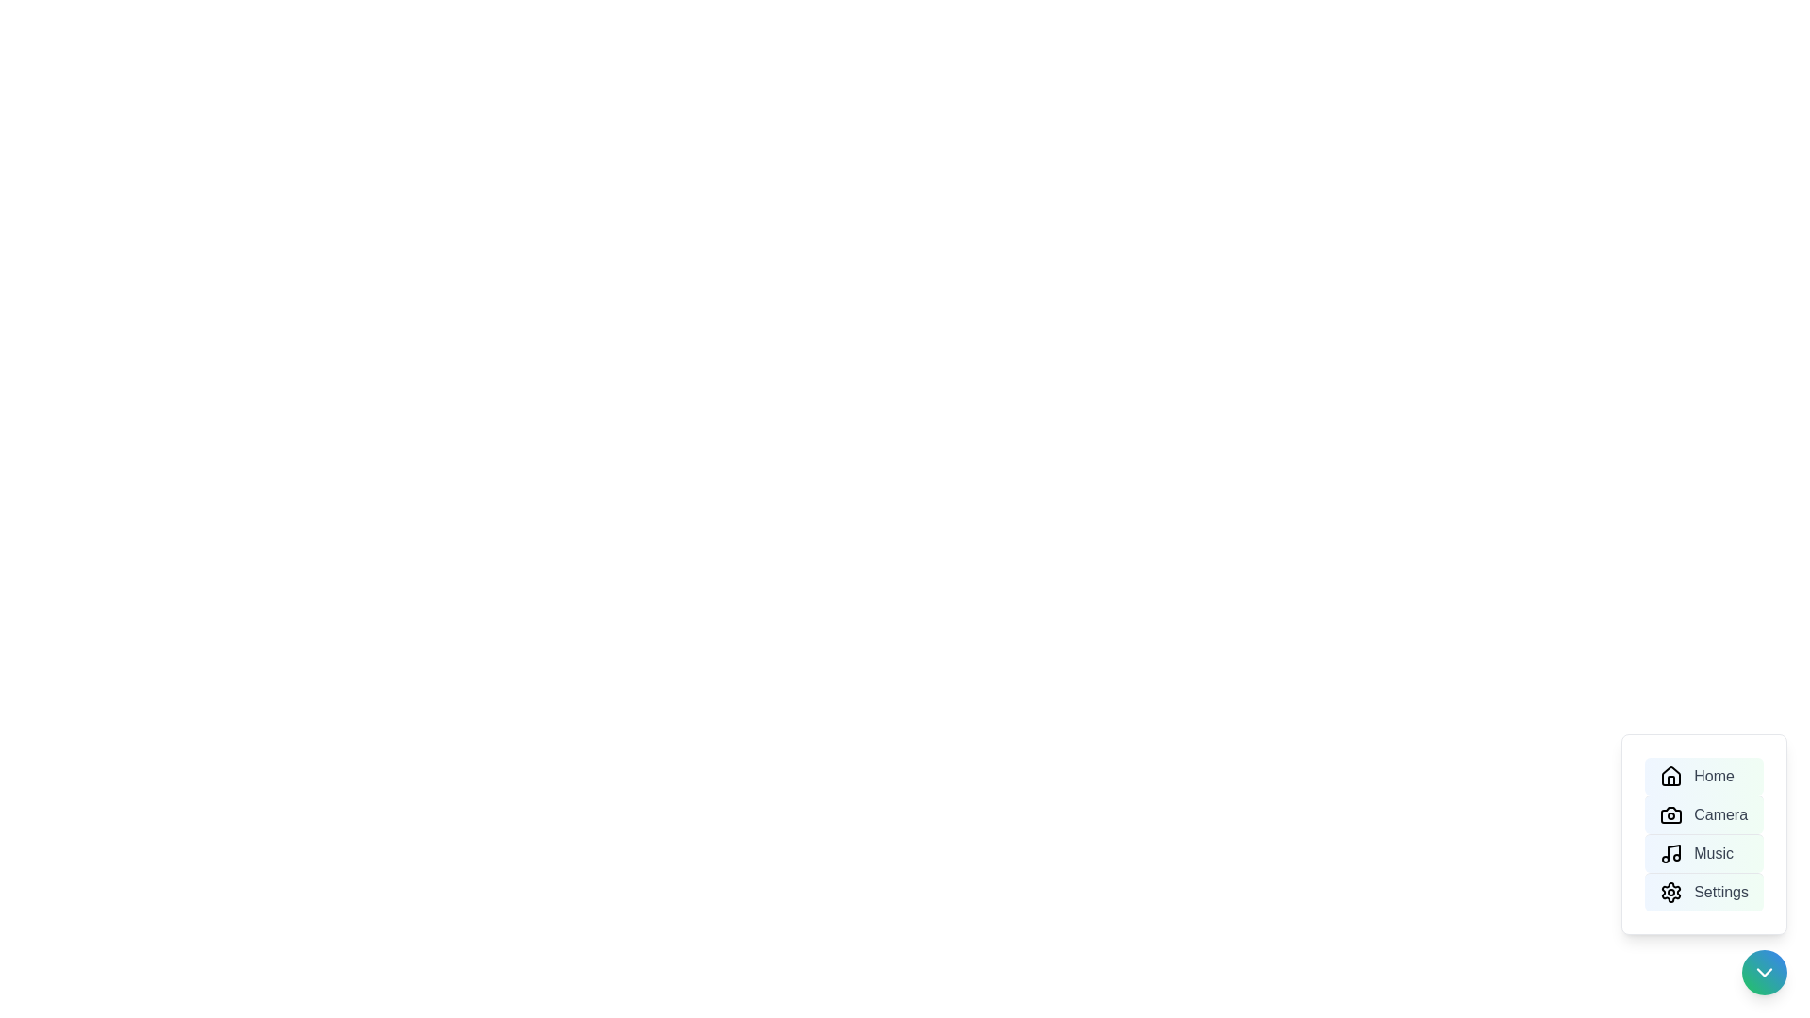  What do you see at coordinates (1704, 777) in the screenshot?
I see `the menu option Home to highlight it` at bounding box center [1704, 777].